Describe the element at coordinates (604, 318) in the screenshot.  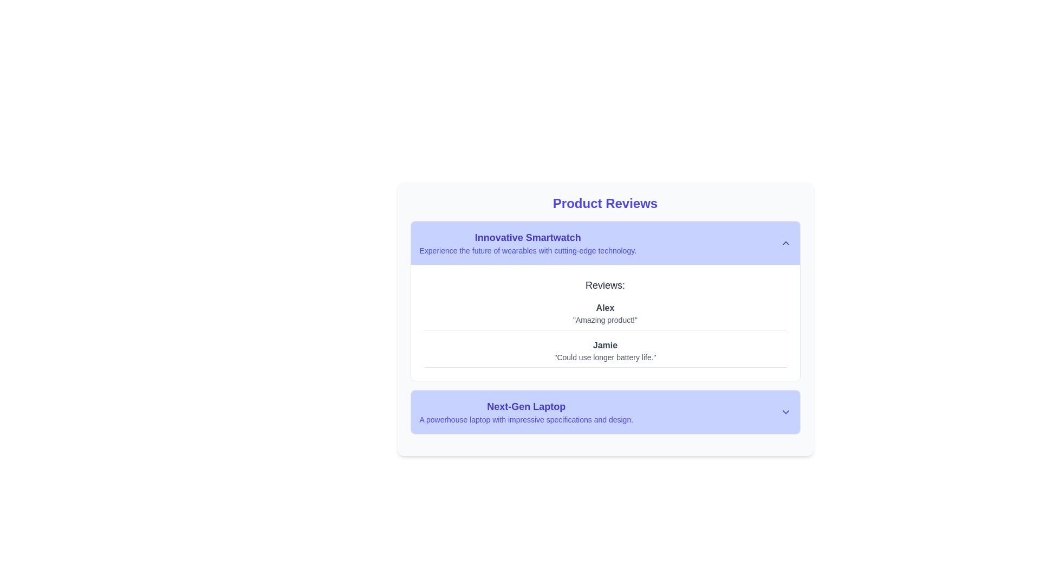
I see `reviews from the first panel in the list, which has a light gray background and contains a centered heading in bold indigo text along with product reviews` at that location.